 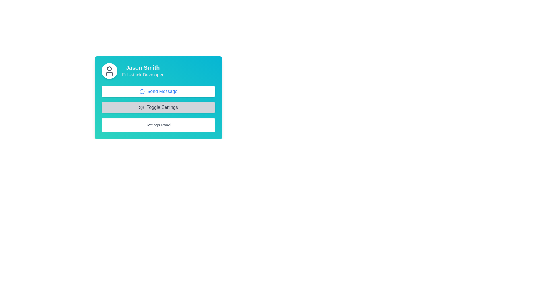 What do you see at coordinates (191, 94) in the screenshot?
I see `within the Information Panel, which contains the text 'Jason Smith' and sections labeled 'Send Message', 'Toggle Settings', and 'Settings Panel', to interact with its inner components` at bounding box center [191, 94].